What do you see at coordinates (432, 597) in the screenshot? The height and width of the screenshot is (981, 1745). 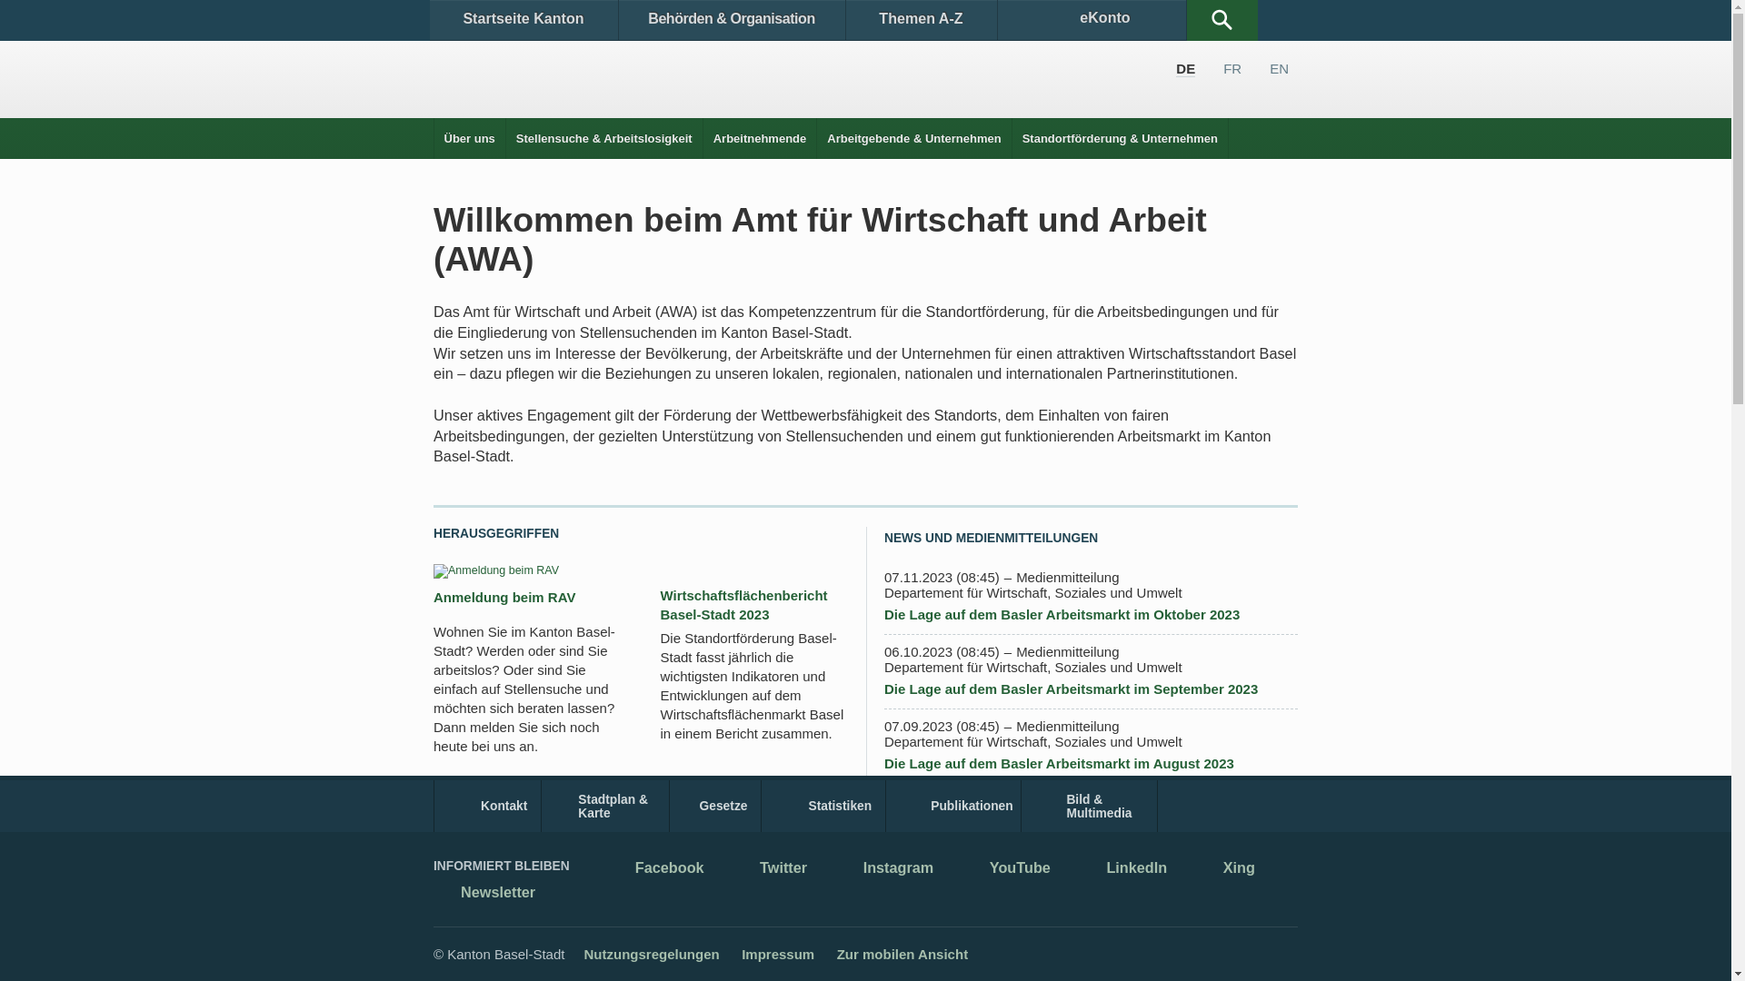 I see `'Anmeldung beim RAV'` at bounding box center [432, 597].